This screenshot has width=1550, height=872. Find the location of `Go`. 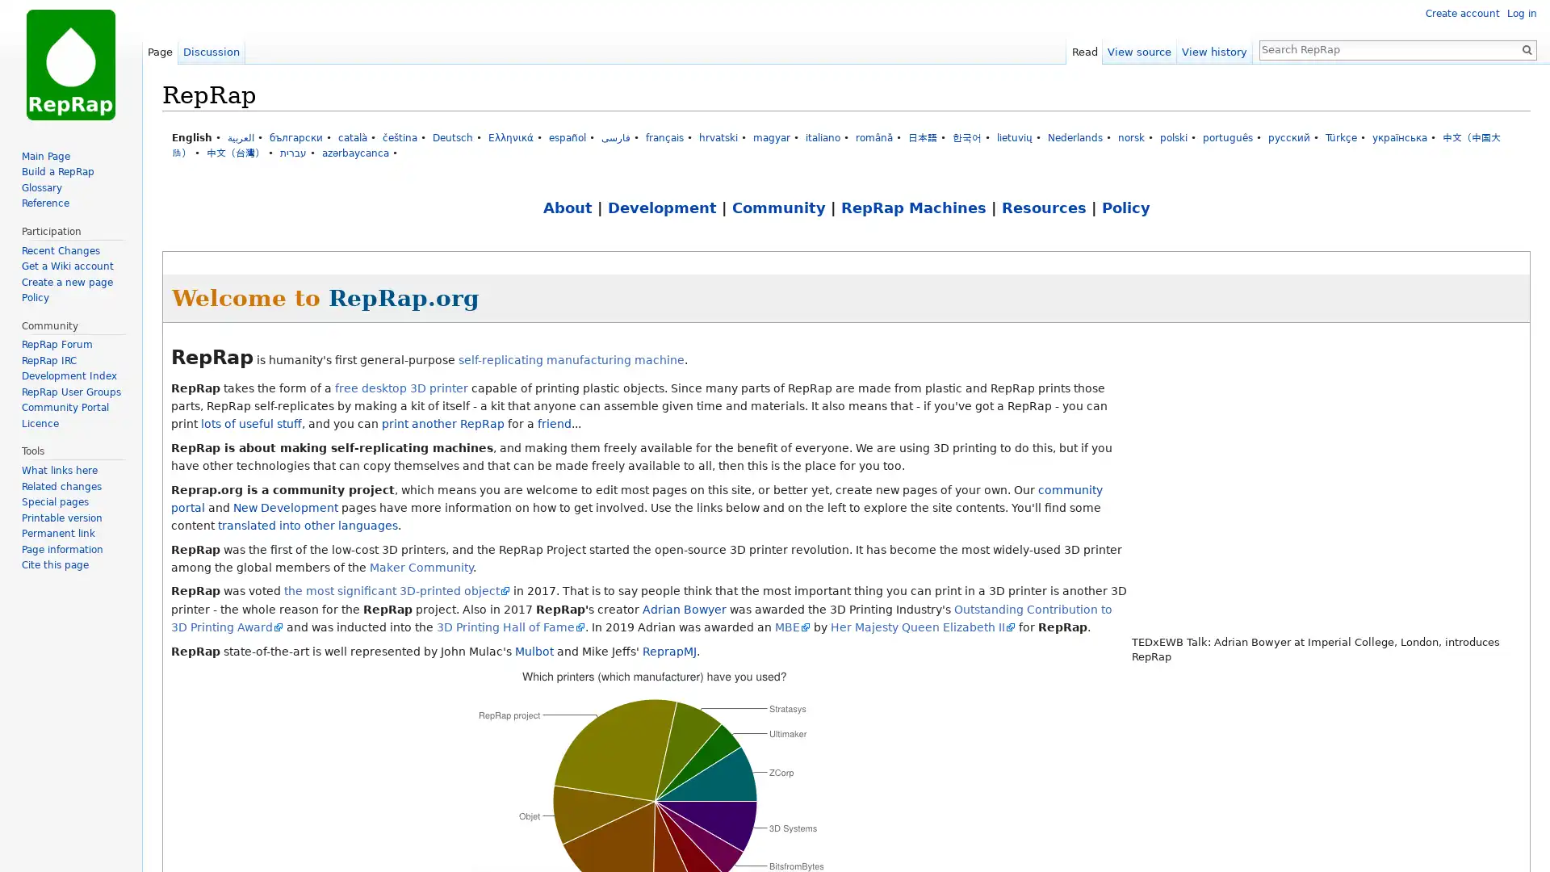

Go is located at coordinates (1526, 48).